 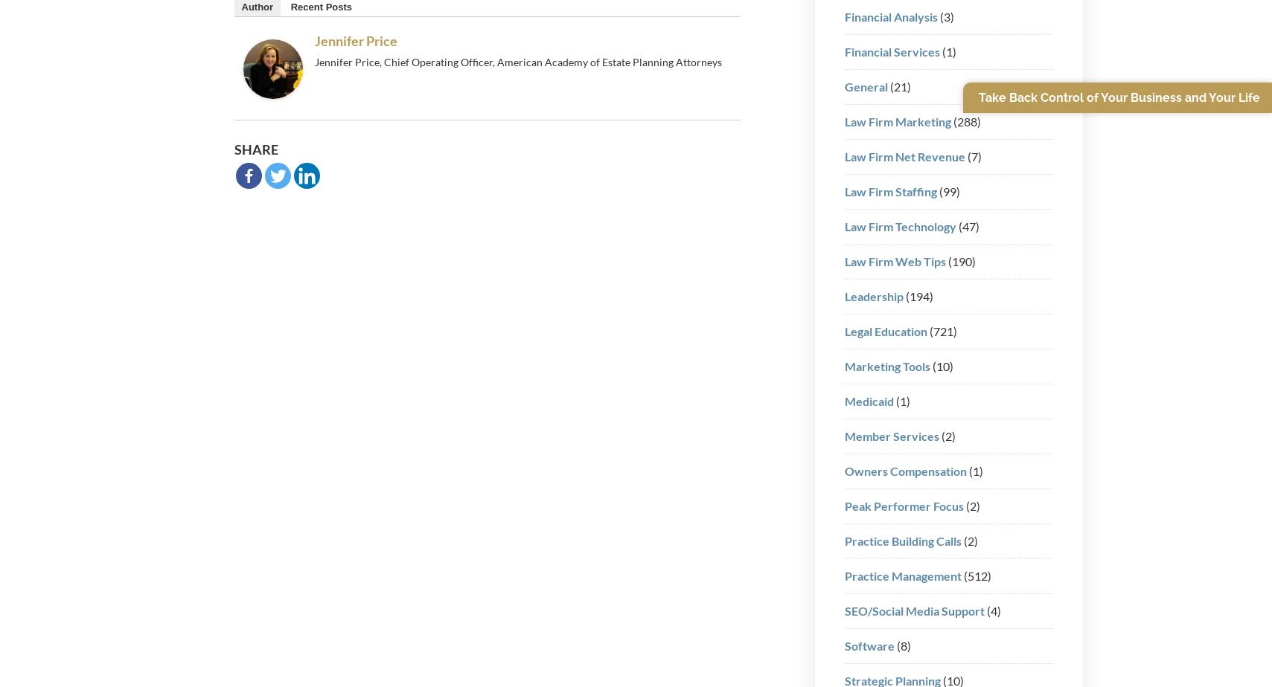 I want to click on 'Law Firm Marketing', so click(x=843, y=120).